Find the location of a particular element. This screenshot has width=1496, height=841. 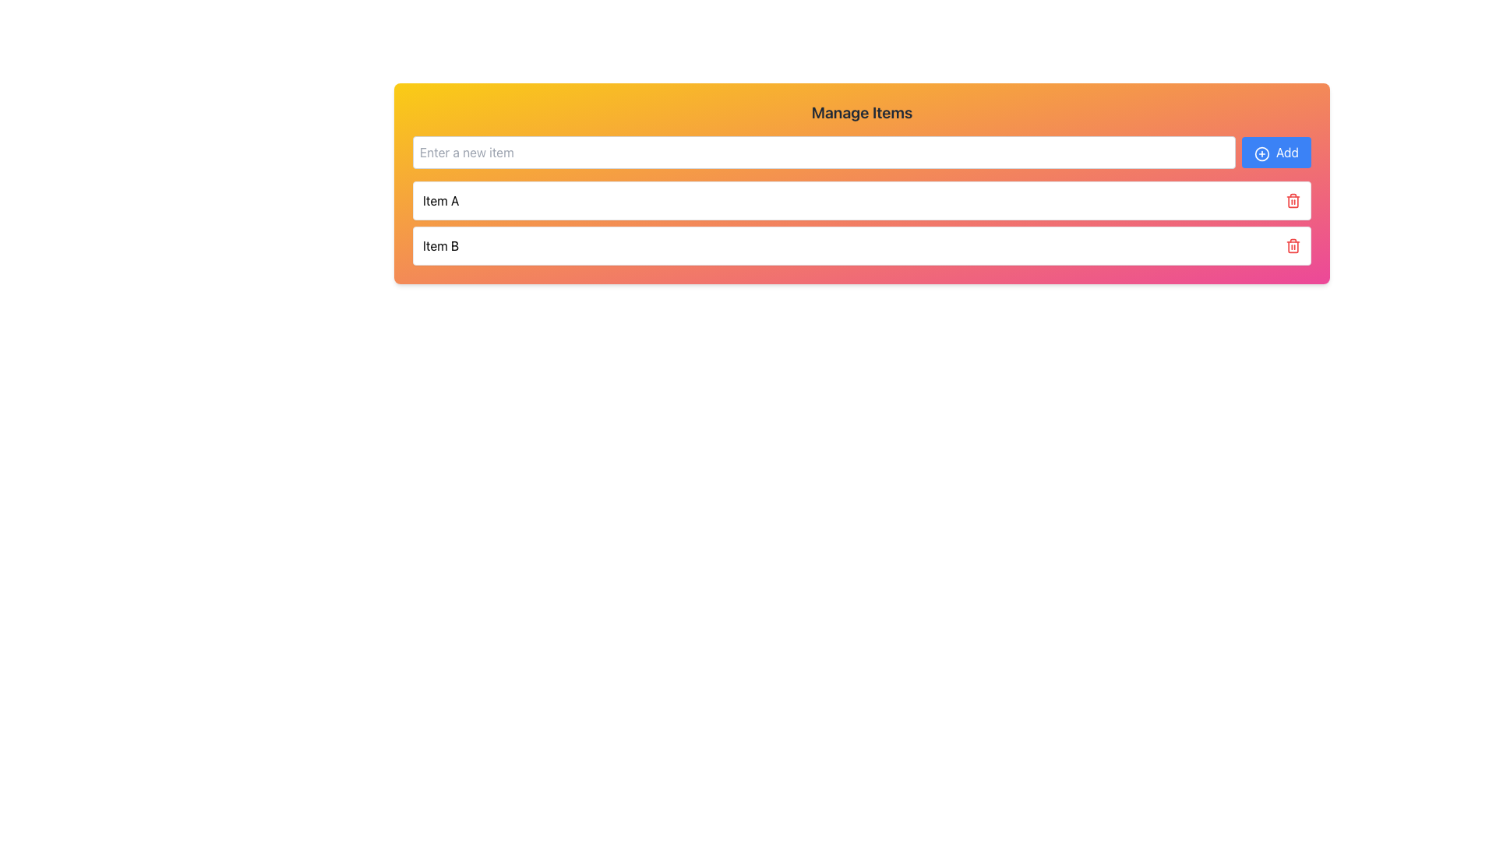

the trash icon button in red color located at the far right end of the first list item box labeled 'Item A' is located at coordinates (1293, 200).